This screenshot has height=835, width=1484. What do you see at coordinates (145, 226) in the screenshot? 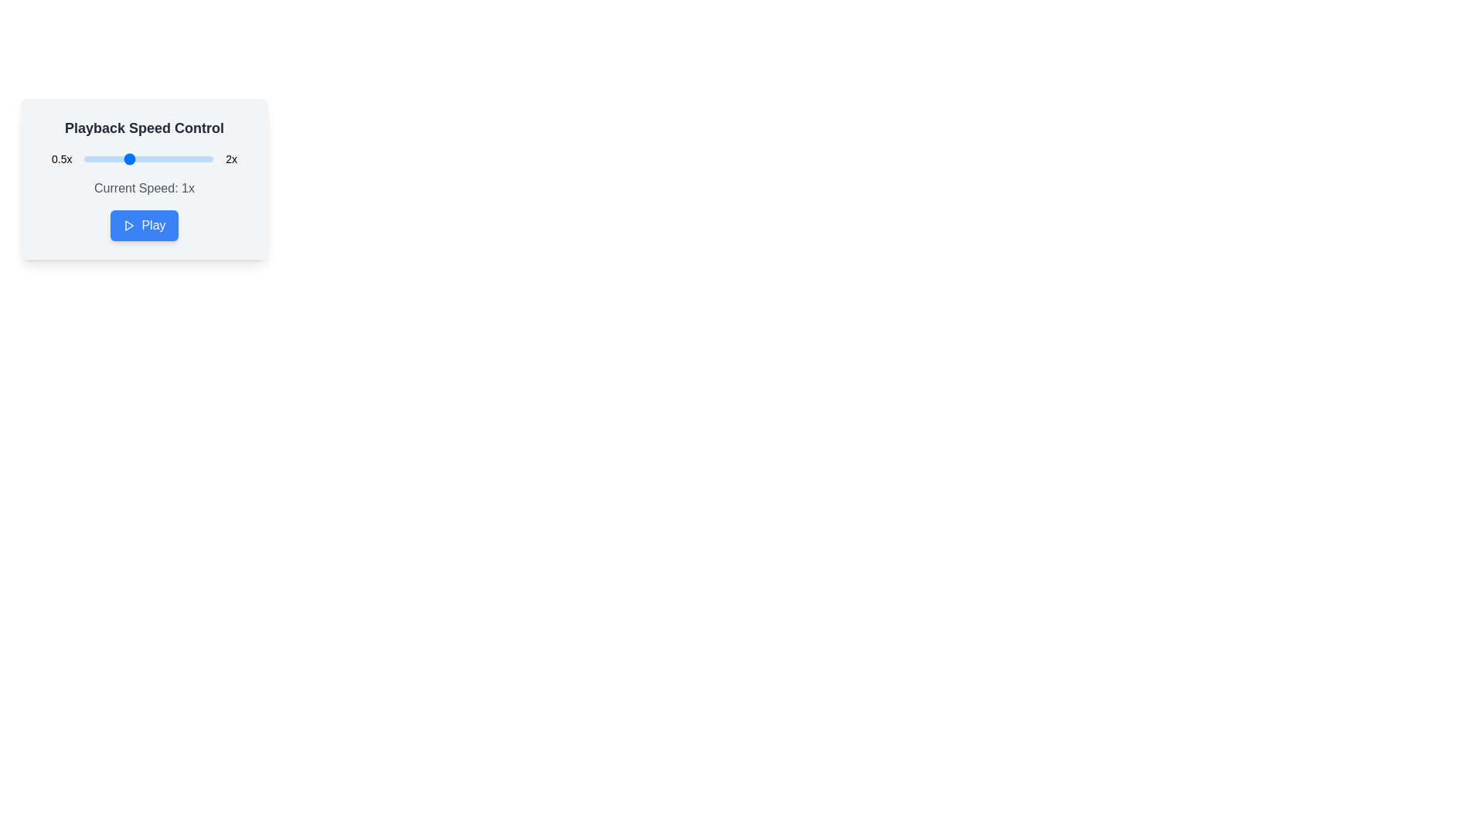
I see `the 'Play' button to start playback` at bounding box center [145, 226].